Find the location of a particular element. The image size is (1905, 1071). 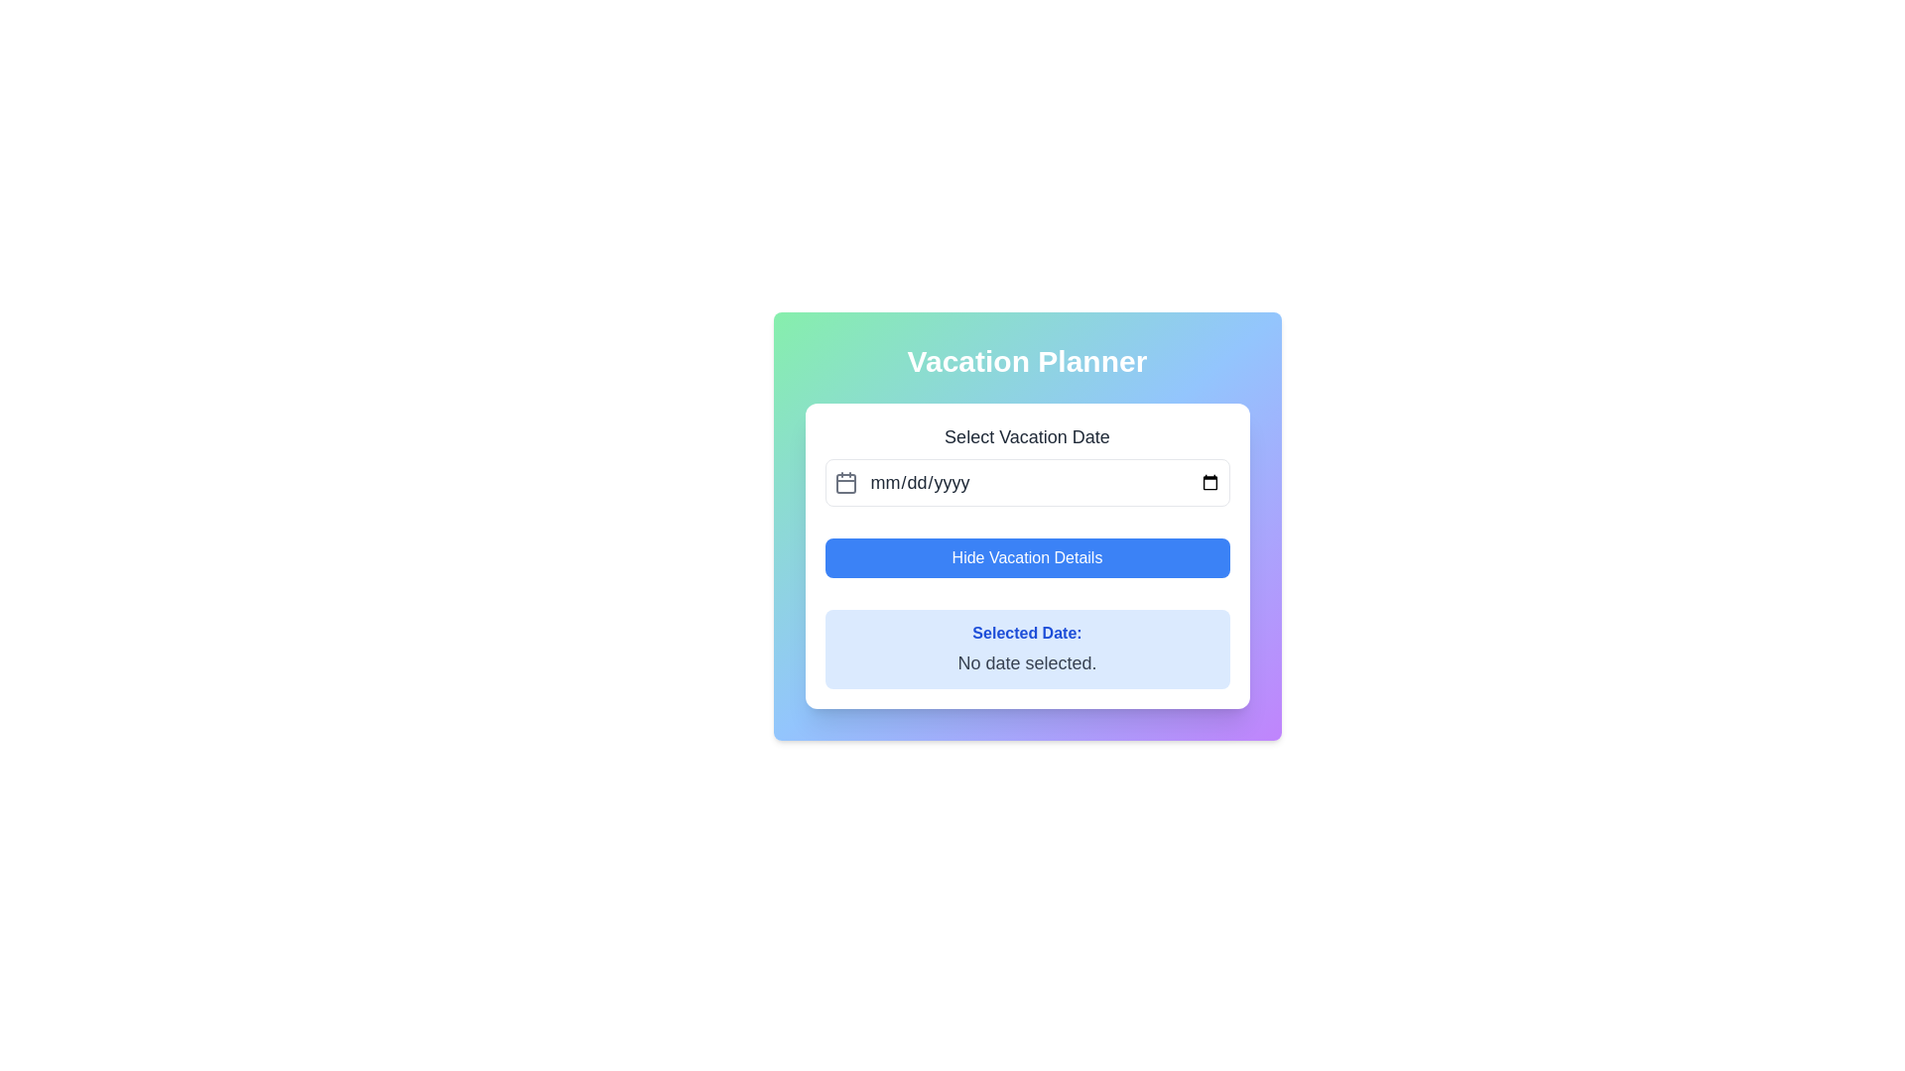

the static text element displaying 'No date selected.' with a gray font, located beneath the 'Selected Date:' label is located at coordinates (1027, 662).